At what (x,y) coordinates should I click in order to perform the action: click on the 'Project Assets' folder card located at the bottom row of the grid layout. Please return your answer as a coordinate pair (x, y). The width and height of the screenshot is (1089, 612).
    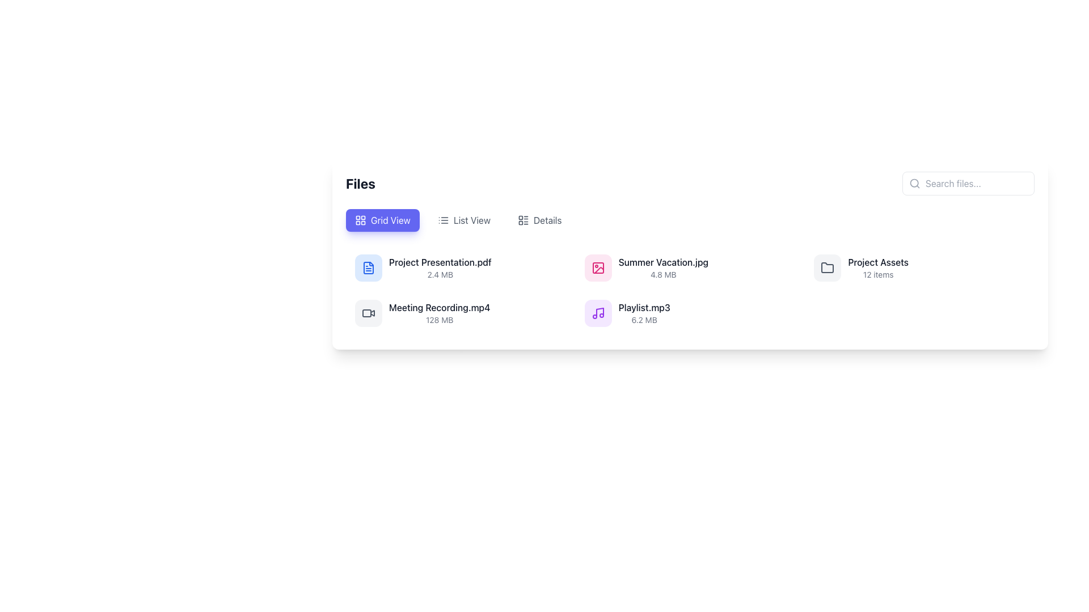
    Looking at the image, I should click on (861, 268).